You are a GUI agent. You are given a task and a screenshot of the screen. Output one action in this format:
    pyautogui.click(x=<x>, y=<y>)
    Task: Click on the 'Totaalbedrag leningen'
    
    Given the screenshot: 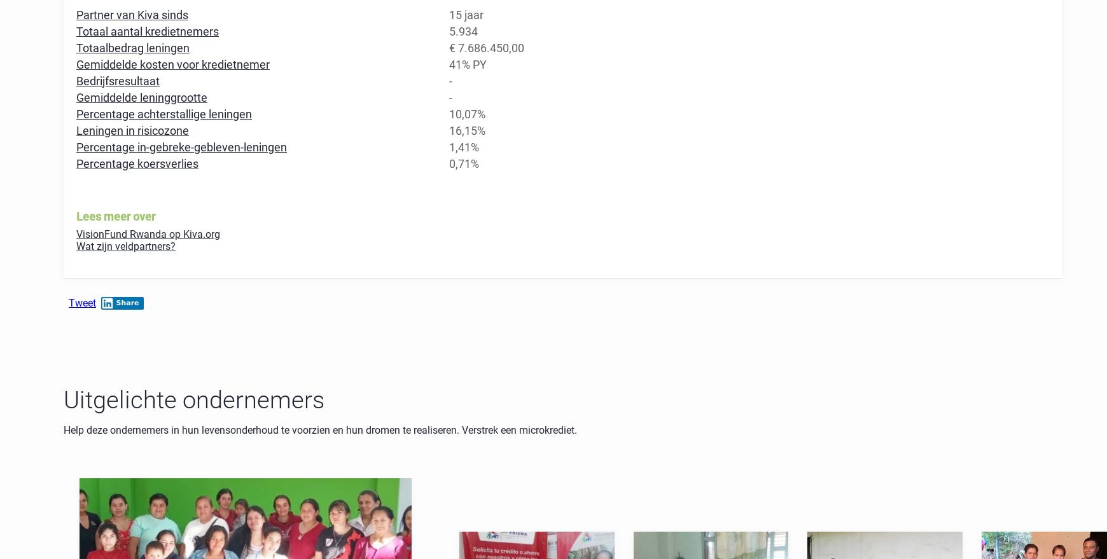 What is the action you would take?
    pyautogui.click(x=76, y=47)
    